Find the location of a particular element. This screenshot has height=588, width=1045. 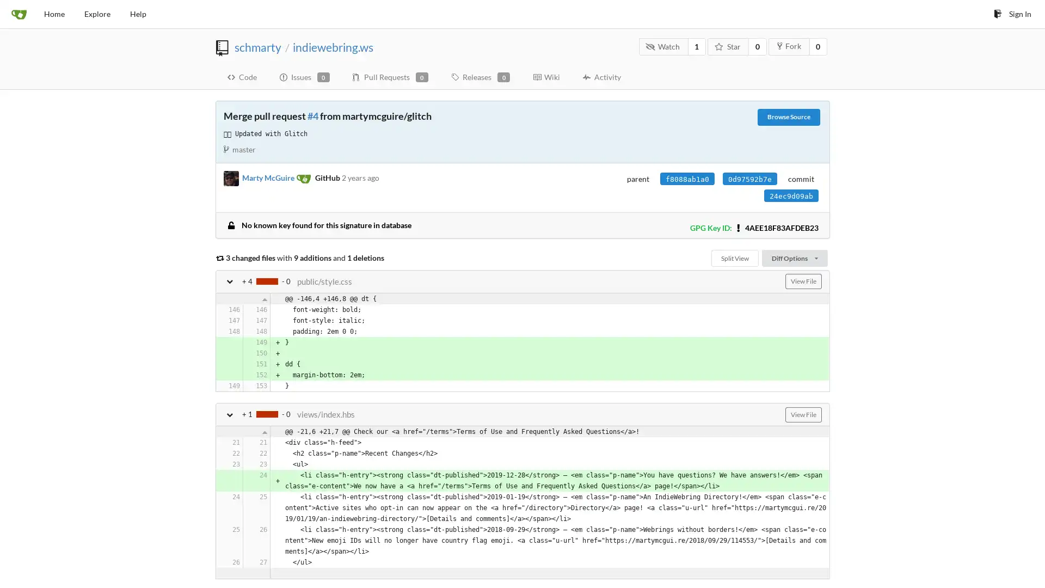

Star is located at coordinates (728, 46).